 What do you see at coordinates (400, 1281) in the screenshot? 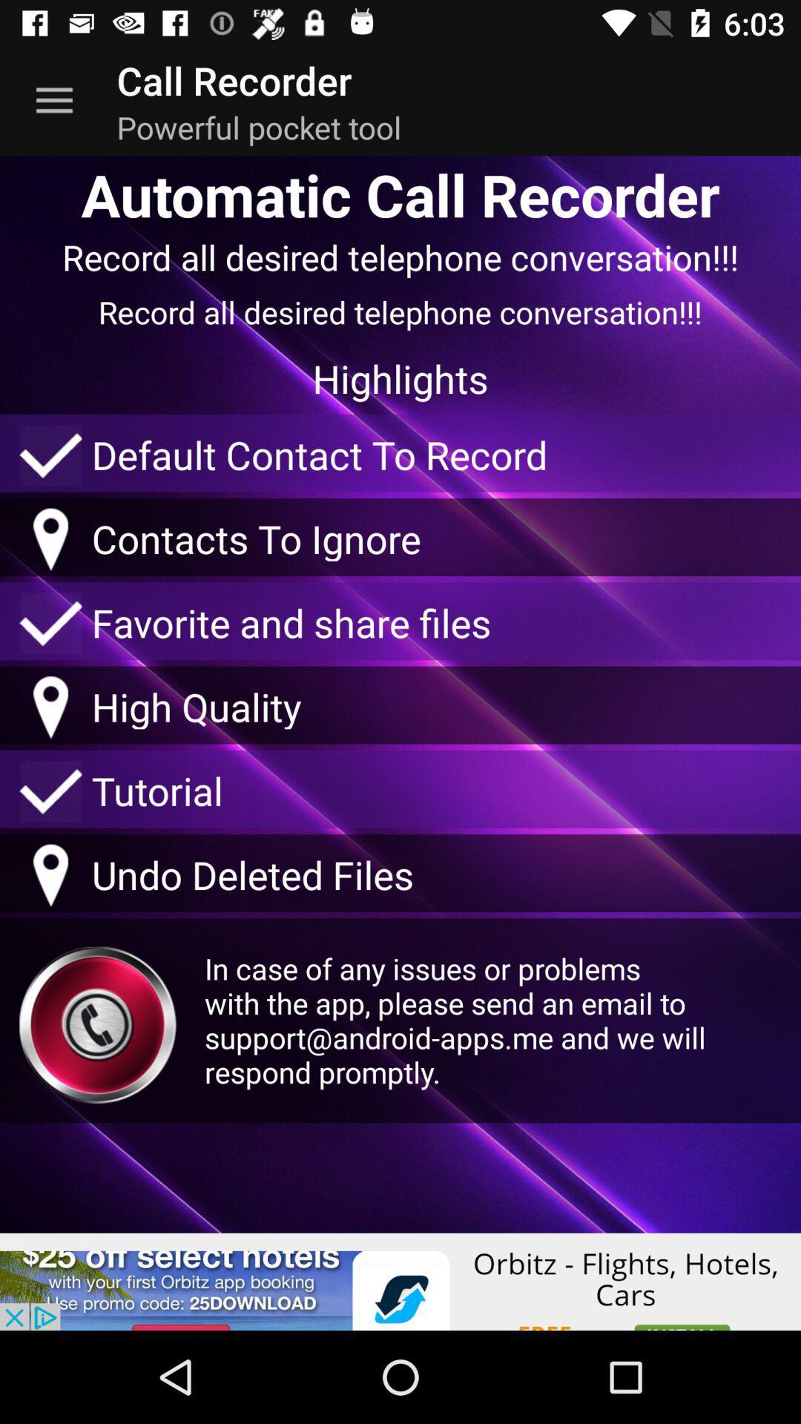
I see `advertisement for orbitz` at bounding box center [400, 1281].